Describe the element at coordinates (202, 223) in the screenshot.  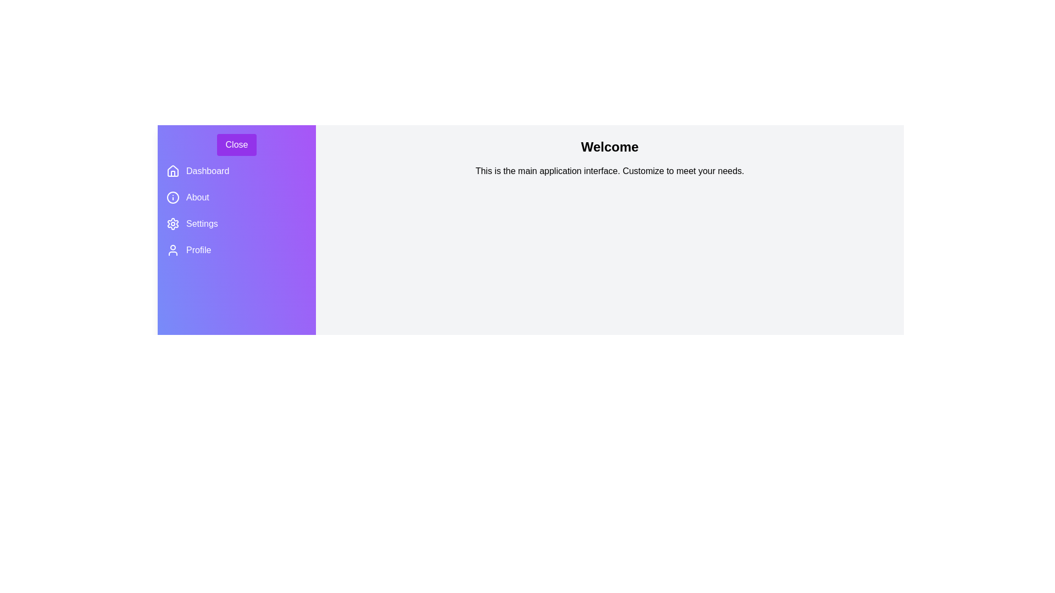
I see `the 'Settings' menu item in the drawer` at that location.